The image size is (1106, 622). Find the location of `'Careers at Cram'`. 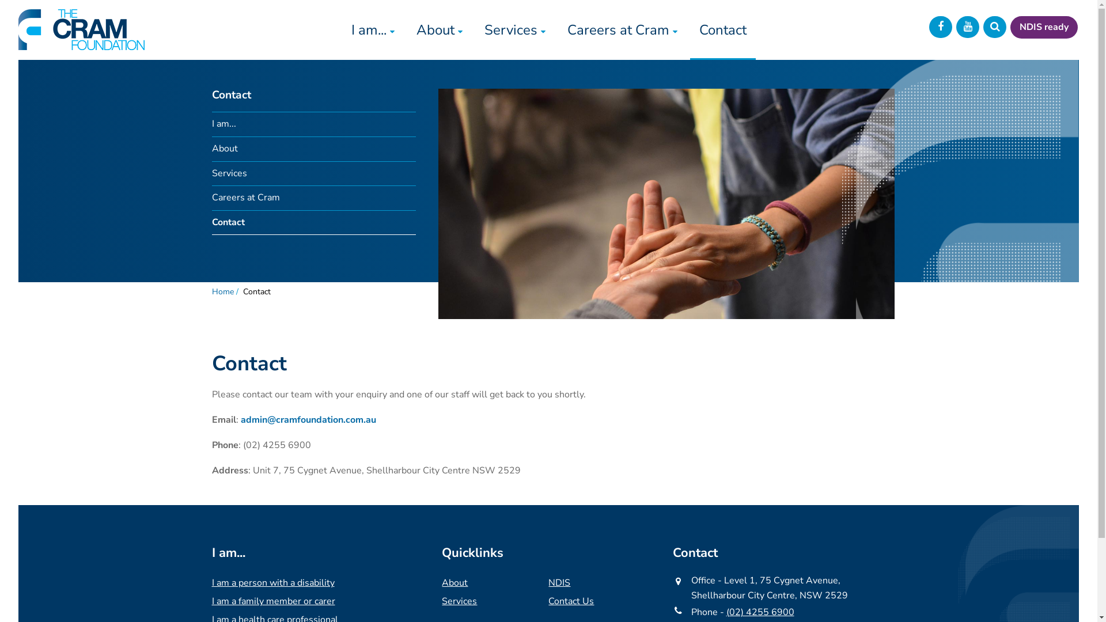

'Careers at Cram' is located at coordinates (622, 29).